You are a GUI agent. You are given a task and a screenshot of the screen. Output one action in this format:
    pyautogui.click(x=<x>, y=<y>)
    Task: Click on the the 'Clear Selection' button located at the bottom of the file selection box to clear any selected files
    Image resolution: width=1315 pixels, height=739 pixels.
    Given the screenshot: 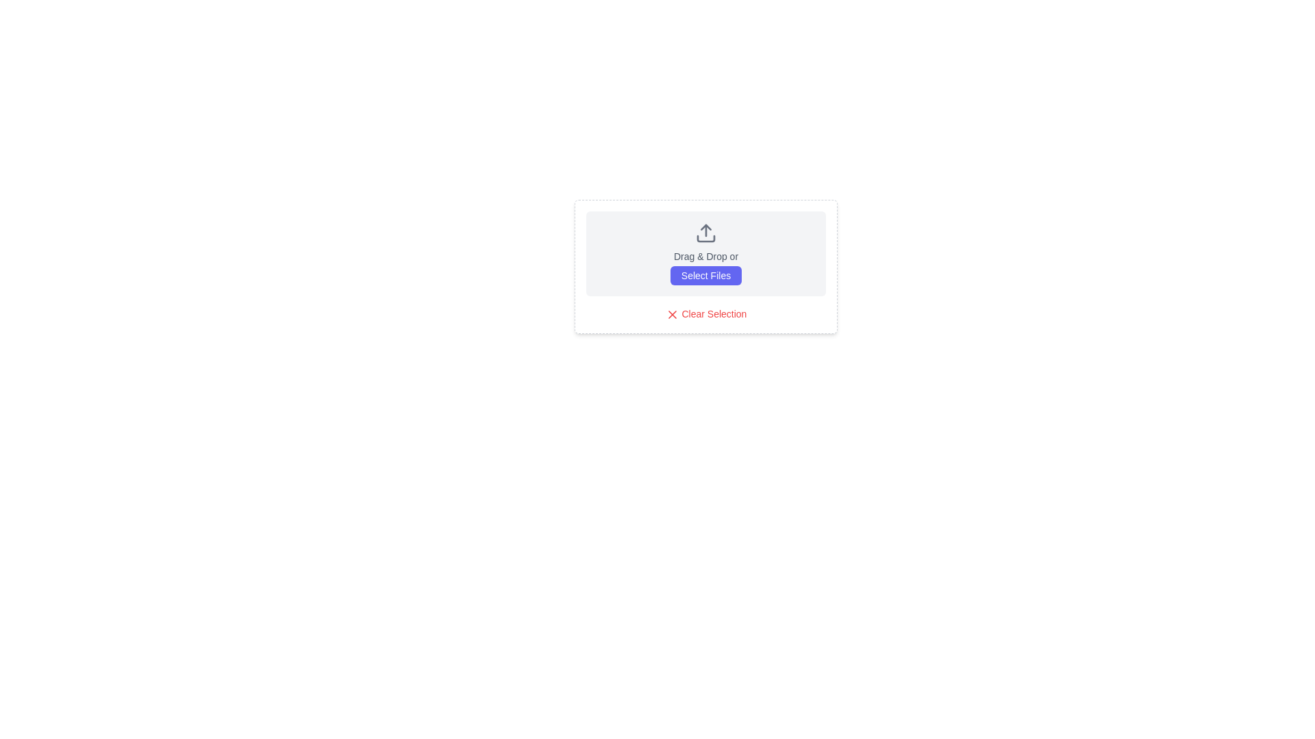 What is the action you would take?
    pyautogui.click(x=706, y=314)
    